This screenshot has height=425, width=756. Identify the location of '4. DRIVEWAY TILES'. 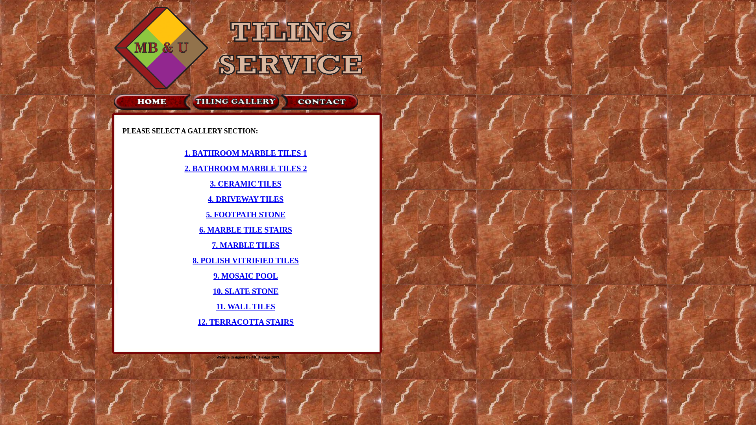
(245, 198).